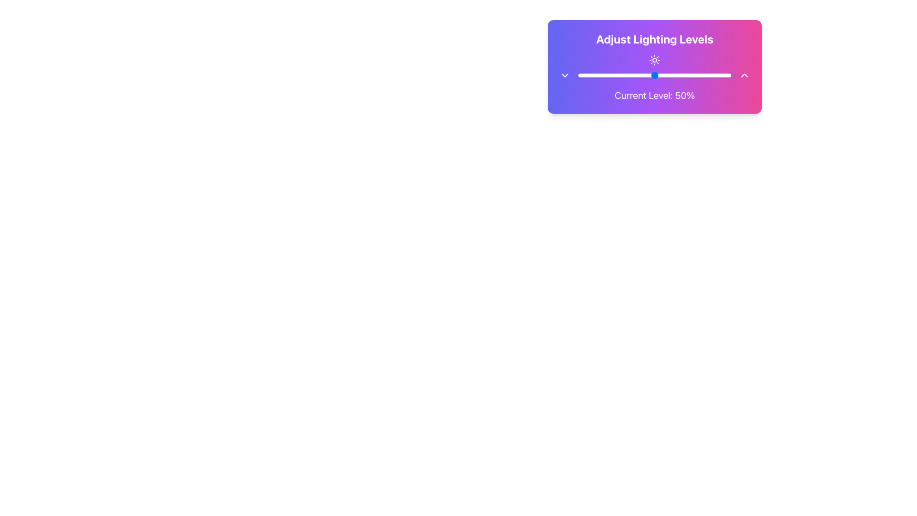 This screenshot has height=516, width=917. What do you see at coordinates (659, 75) in the screenshot?
I see `the lighting level` at bounding box center [659, 75].